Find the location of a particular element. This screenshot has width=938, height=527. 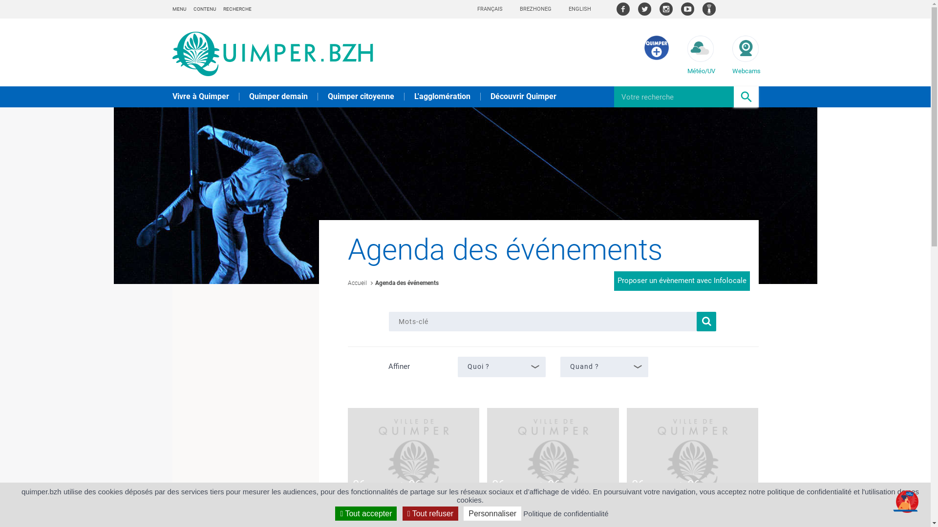

'MENU' is located at coordinates (178, 9).